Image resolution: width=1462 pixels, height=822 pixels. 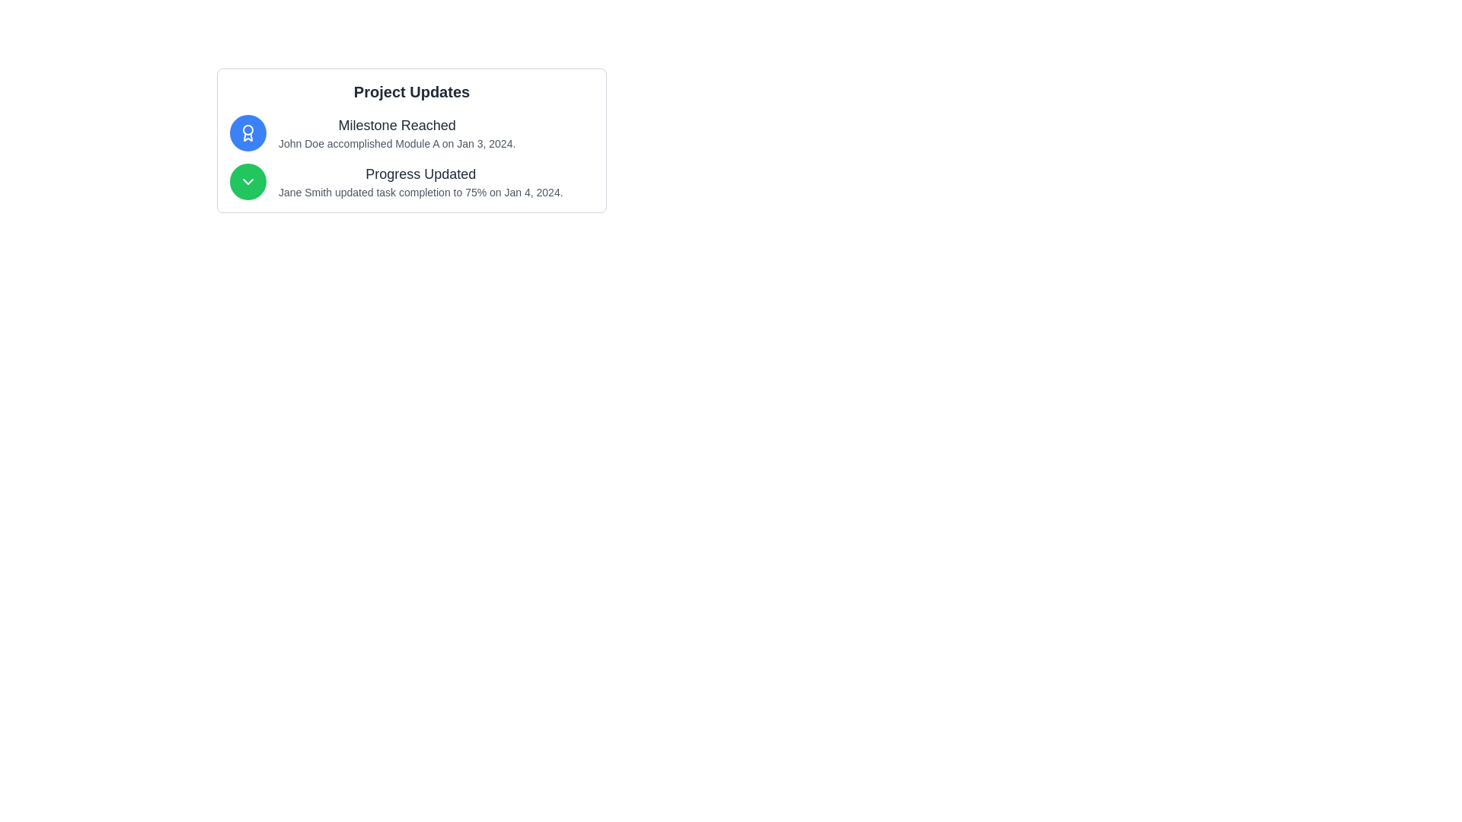 I want to click on the notification Text Label located below the heading 'Project Updates', which is the first topmost entry among similar notifications, so click(x=397, y=132).